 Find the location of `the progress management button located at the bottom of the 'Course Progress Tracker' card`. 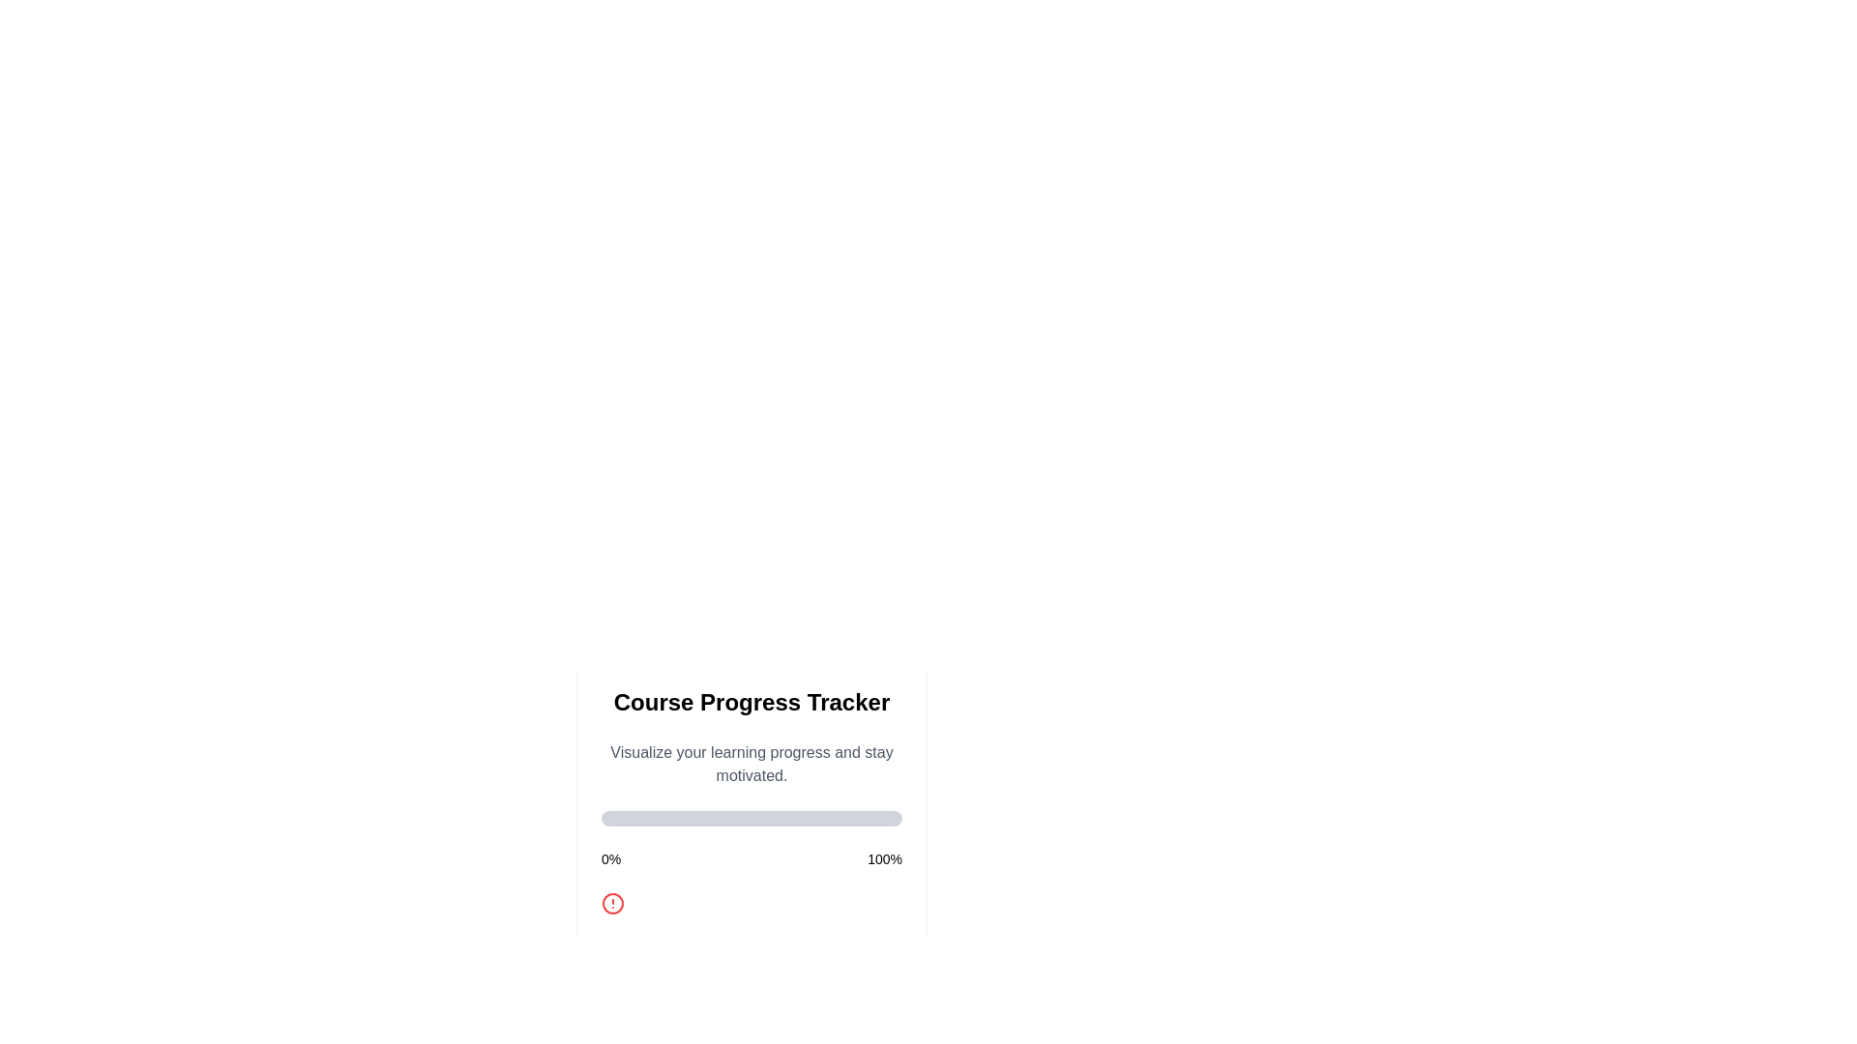

the progress management button located at the bottom of the 'Course Progress Tracker' card is located at coordinates (751, 958).